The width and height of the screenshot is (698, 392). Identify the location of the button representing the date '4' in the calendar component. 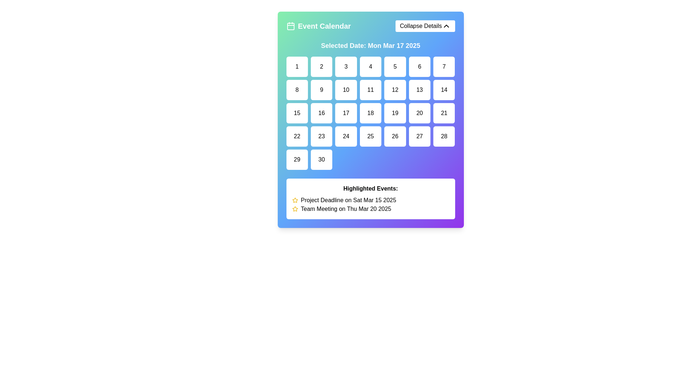
(370, 67).